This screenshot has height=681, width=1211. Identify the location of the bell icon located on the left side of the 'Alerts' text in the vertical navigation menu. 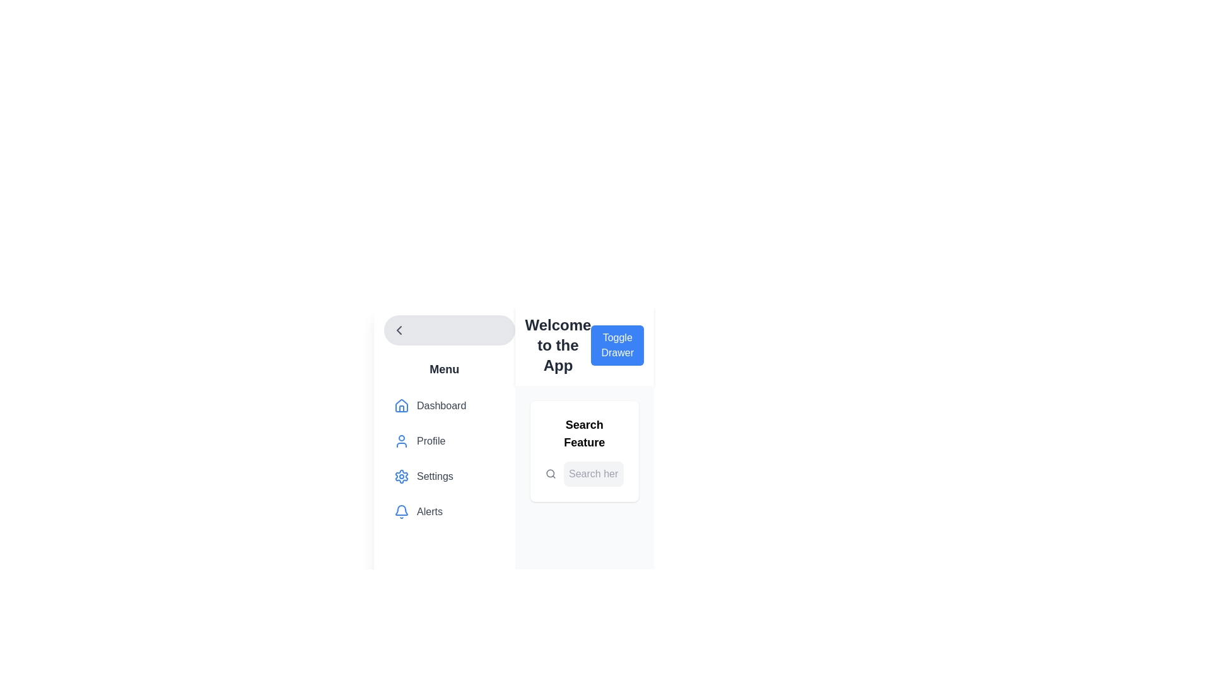
(401, 512).